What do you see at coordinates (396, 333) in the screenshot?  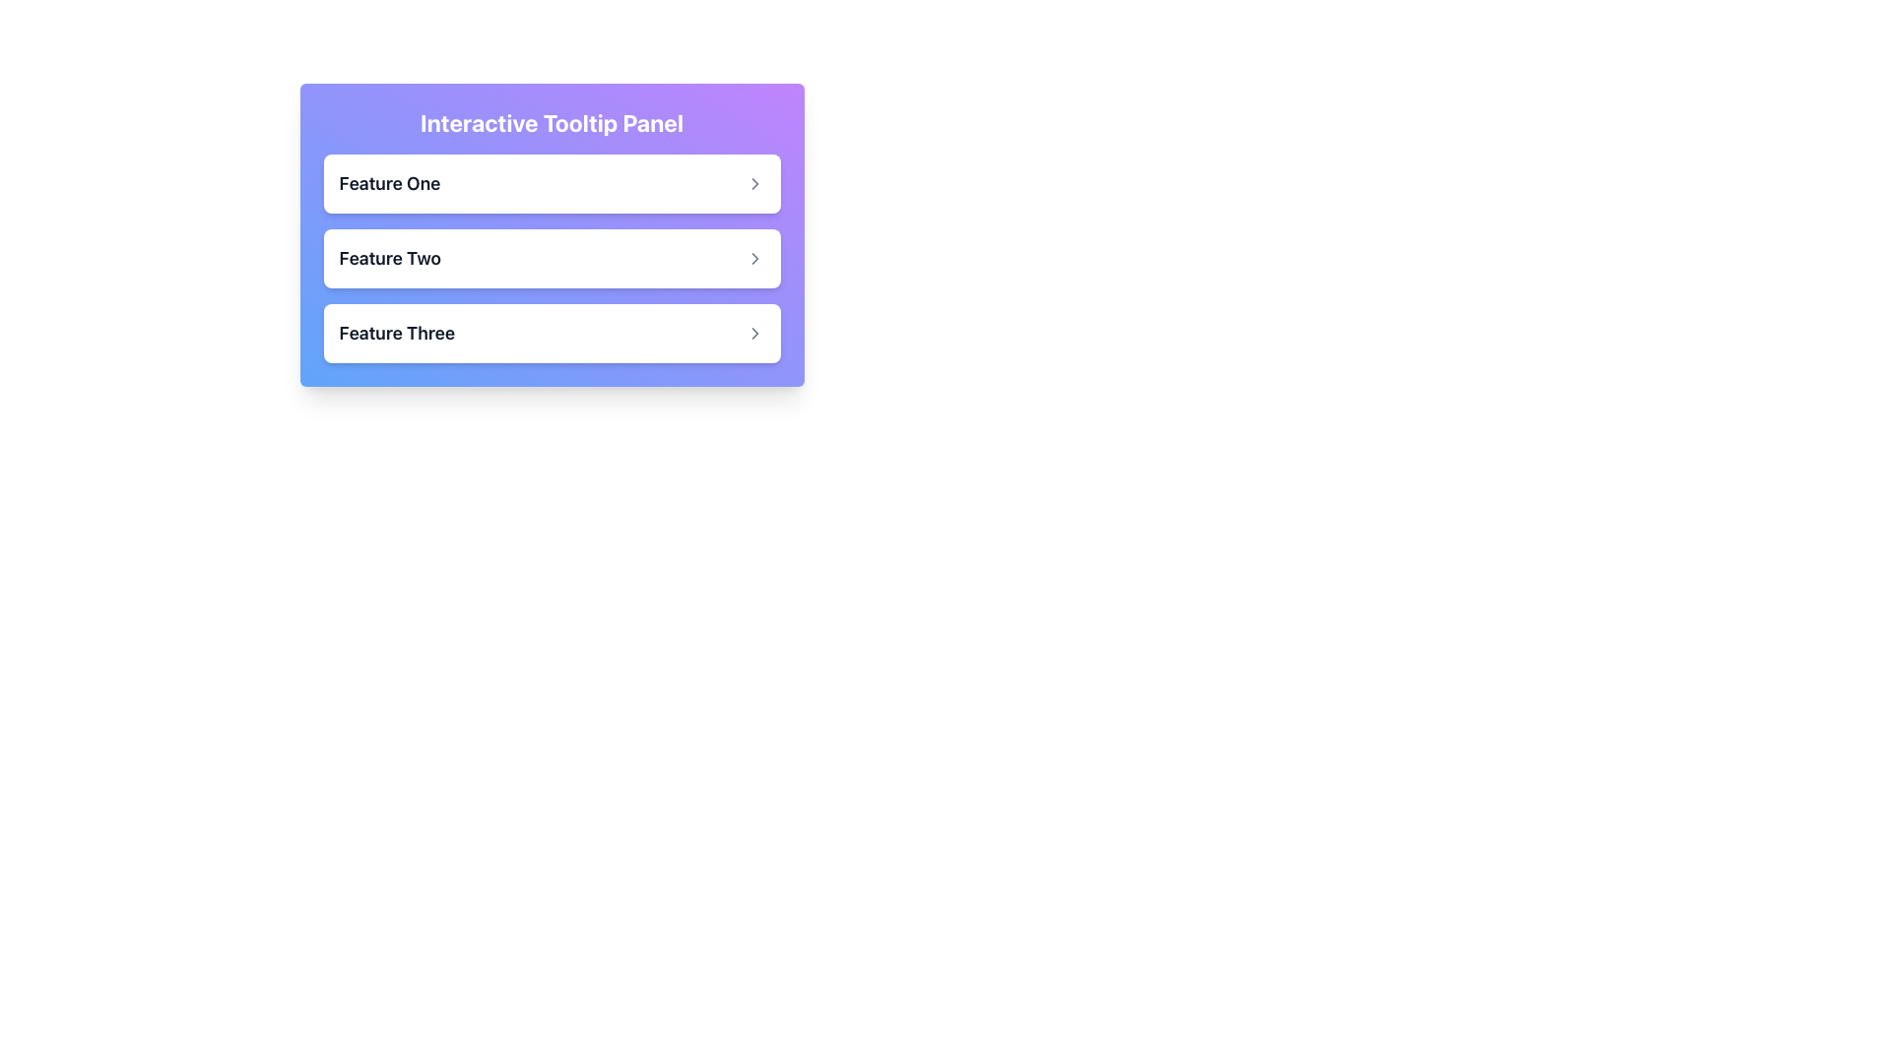 I see `the text label reading 'Feature Three', which is styled with a medium-large bold font in dark gray and positioned as the leftmost item in the third row of a vertical list of features` at bounding box center [396, 333].